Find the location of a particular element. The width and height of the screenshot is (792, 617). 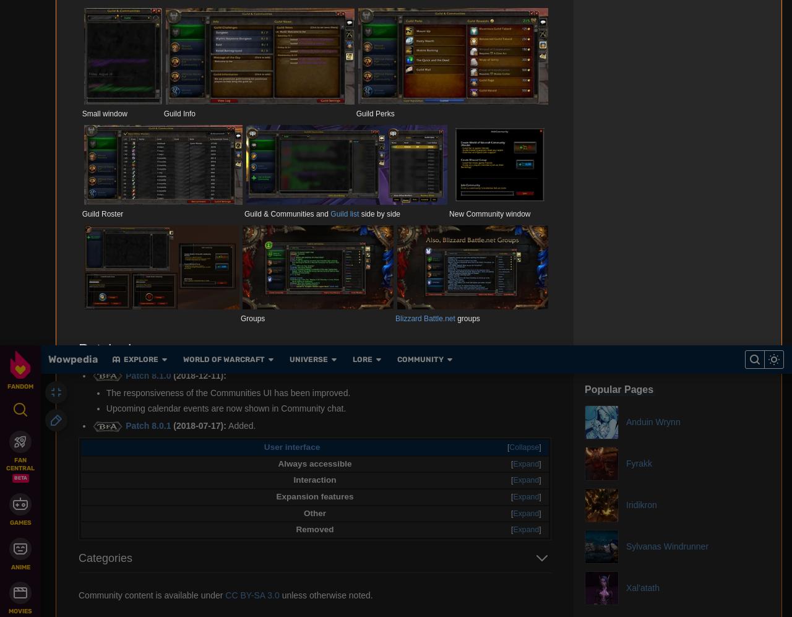

'Community' is located at coordinates (445, 18).